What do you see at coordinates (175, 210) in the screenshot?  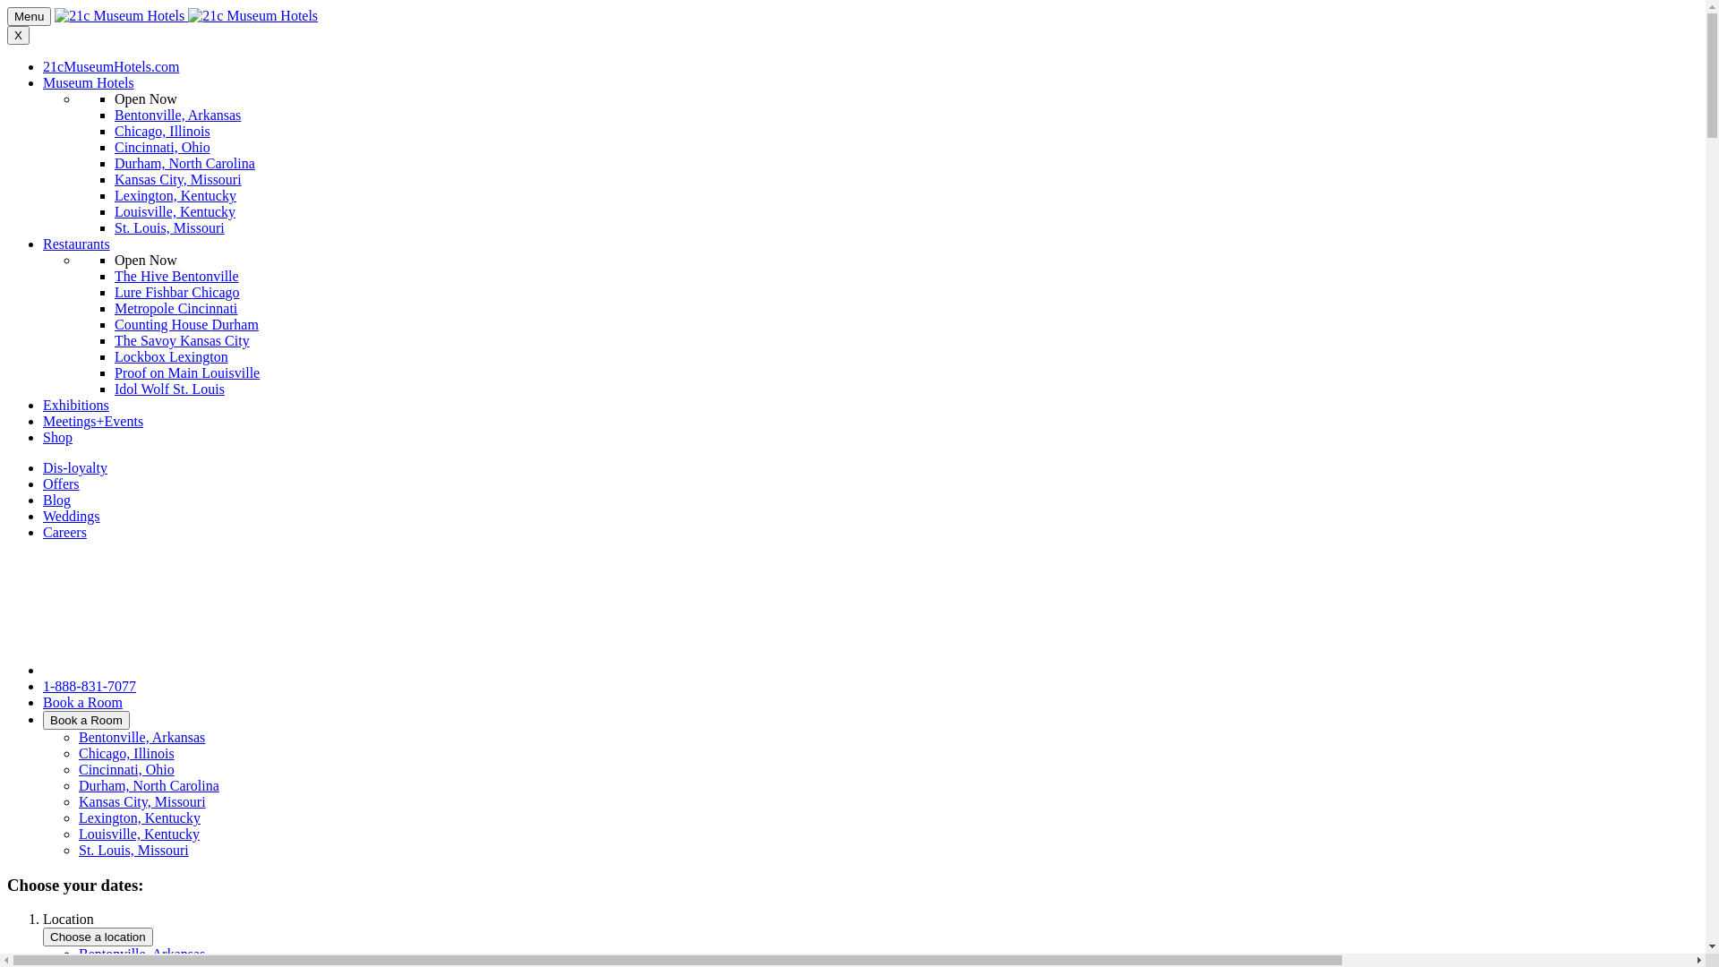 I see `'Louisville, Kentucky'` at bounding box center [175, 210].